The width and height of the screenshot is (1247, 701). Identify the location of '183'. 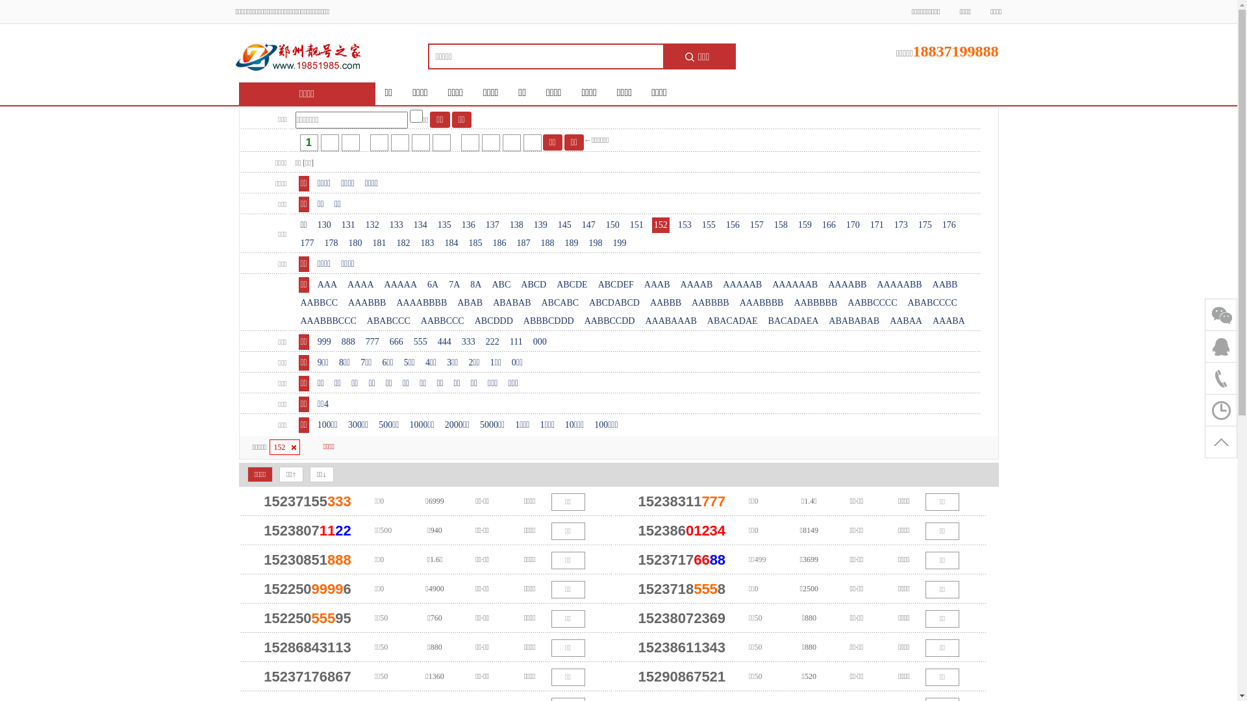
(427, 243).